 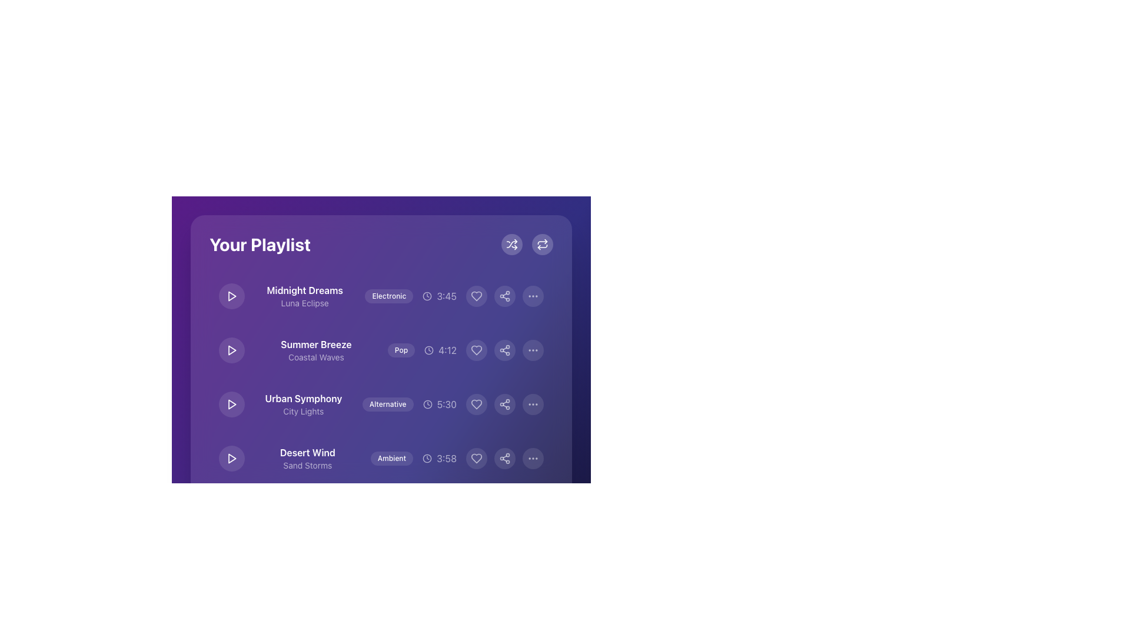 What do you see at coordinates (231, 457) in the screenshot?
I see `the triangular play icon with a white outline and a slightly transparent purple background located in the bottom-most row of the playlist adjacent to the text 'Desert Wind'` at bounding box center [231, 457].